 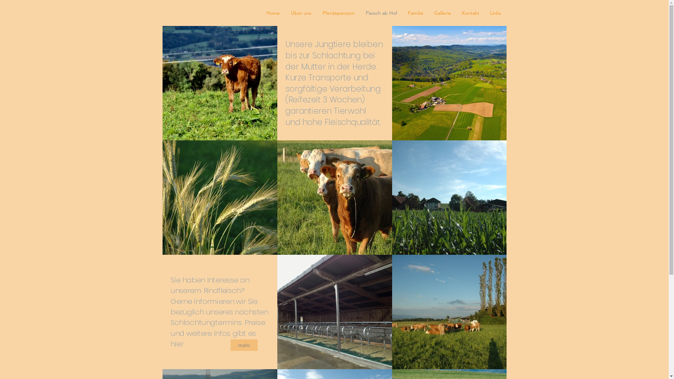 I want to click on 'Pferdepension', so click(x=338, y=13).